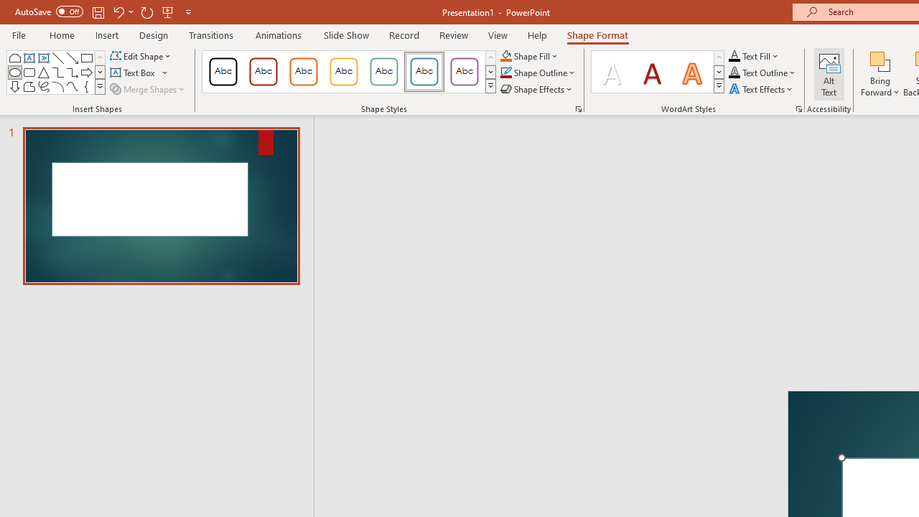 The image size is (919, 517). Describe the element at coordinates (263, 72) in the screenshot. I see `'Colored Outline - Dark Red, Accent 1'` at that location.